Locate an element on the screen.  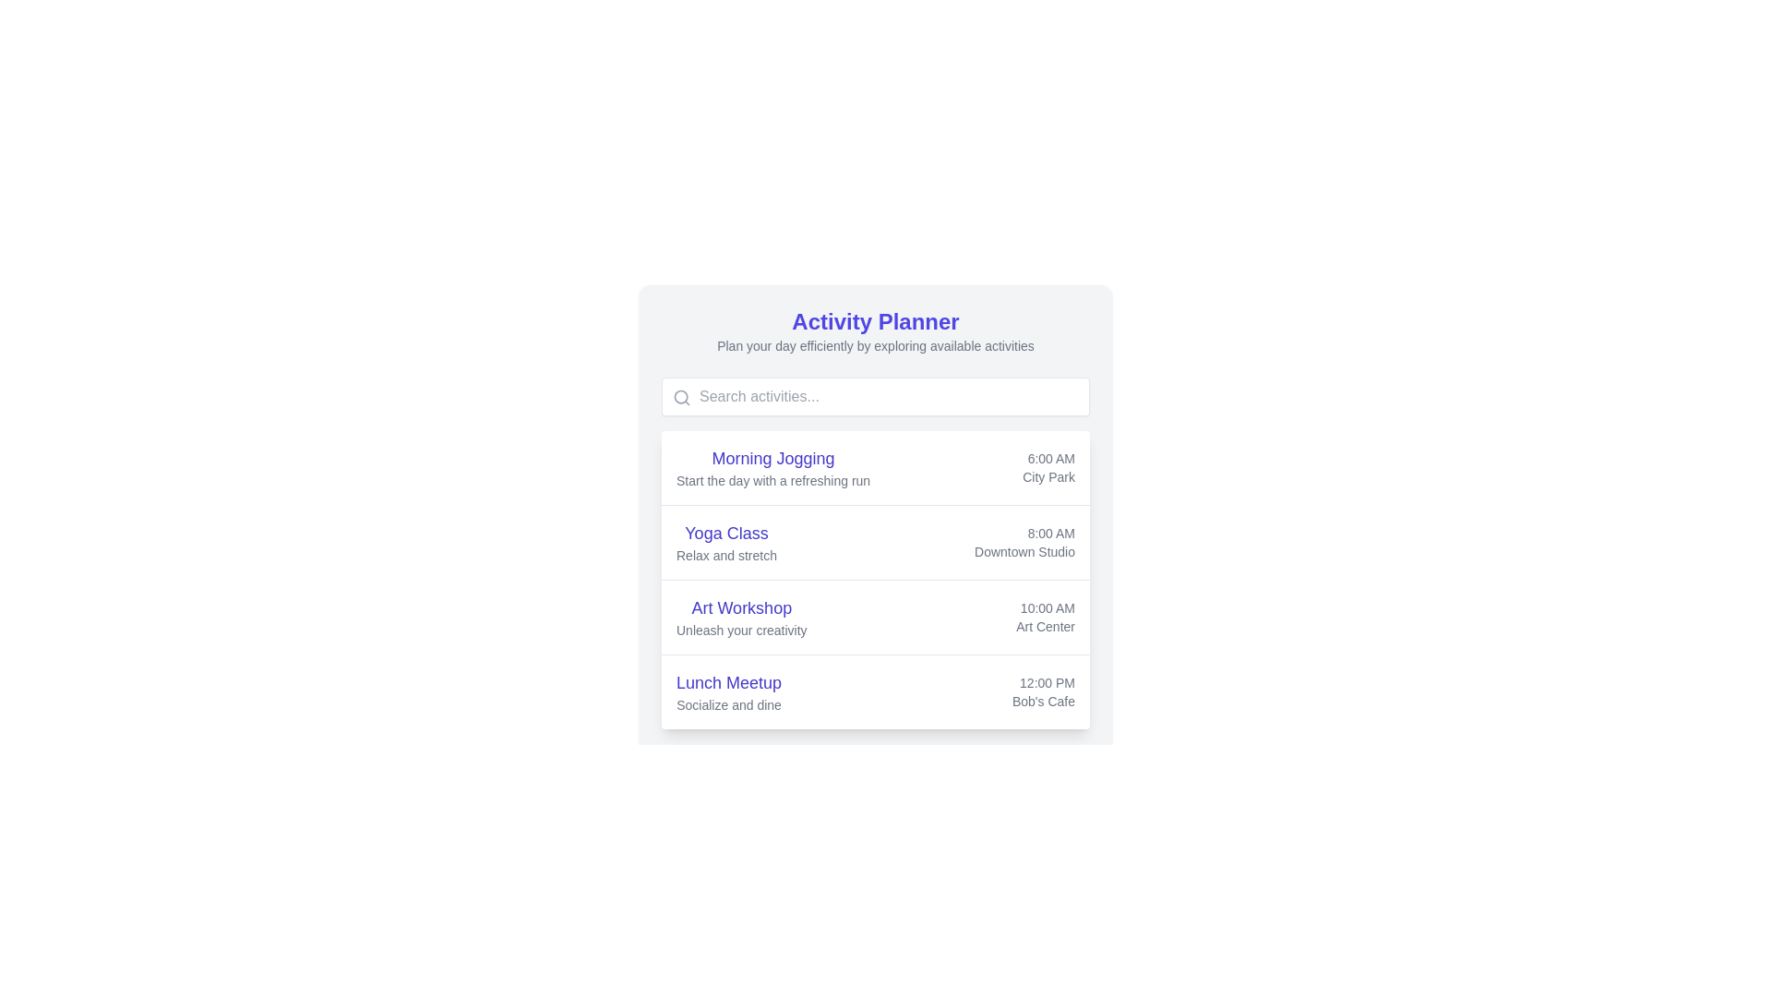
the 'Lunch Meetup' scheduled time text element, which is positioned in the fourth row of the information block, to check if additional information is displayed is located at coordinates (1044, 683).